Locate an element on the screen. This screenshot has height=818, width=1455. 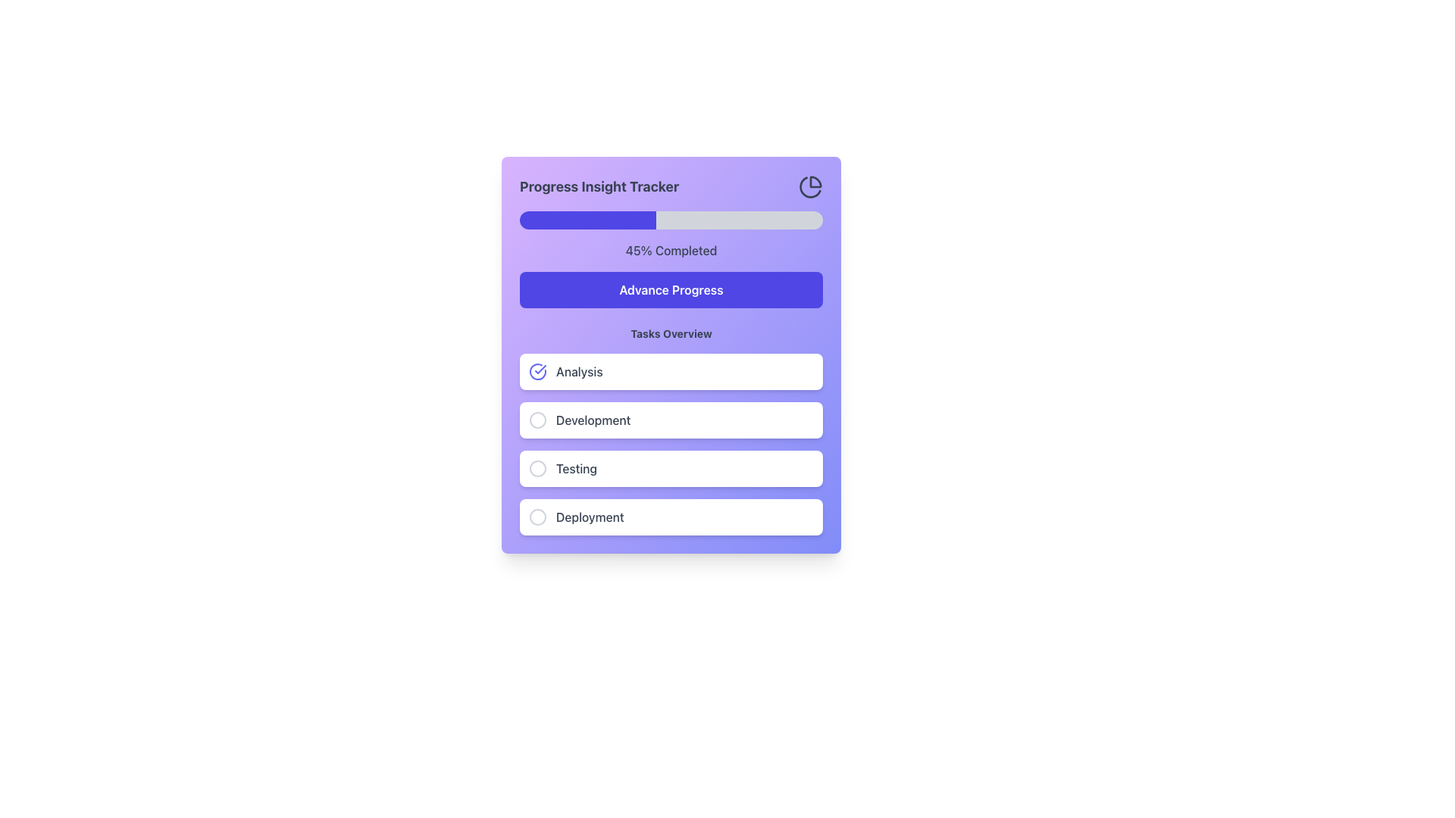
the blue rectangular progress bar indicating progress value, located beneath the 'Progress Insight Tracker' title is located at coordinates (587, 220).